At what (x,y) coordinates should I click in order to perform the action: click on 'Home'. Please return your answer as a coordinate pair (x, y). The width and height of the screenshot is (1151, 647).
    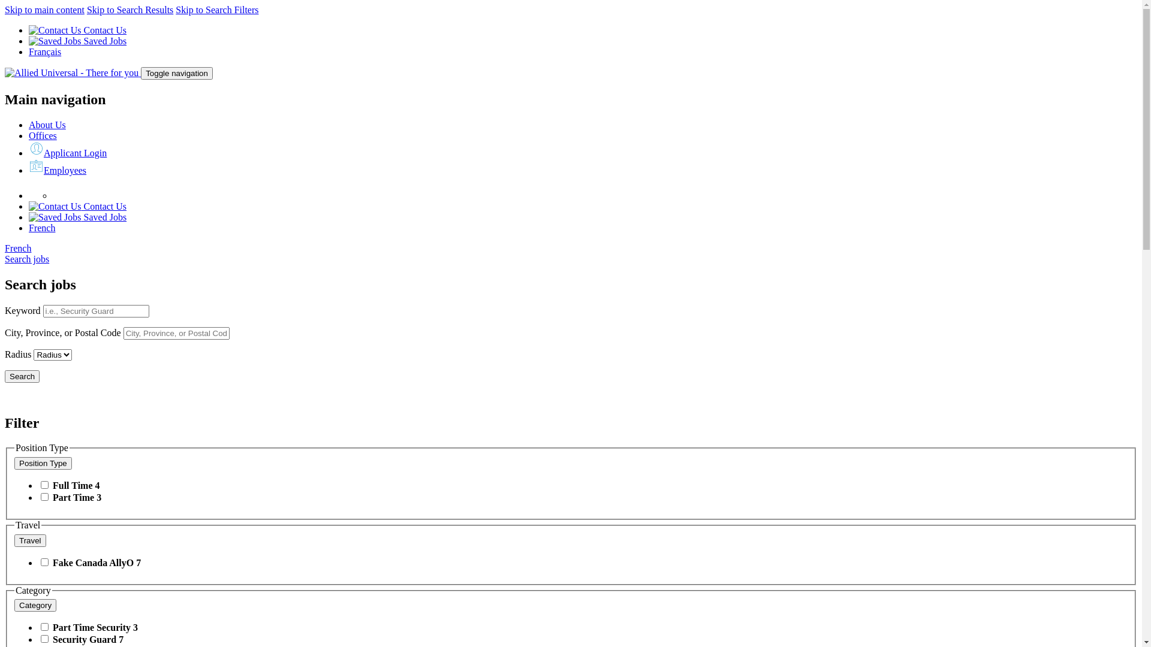
    Looking at the image, I should click on (5, 72).